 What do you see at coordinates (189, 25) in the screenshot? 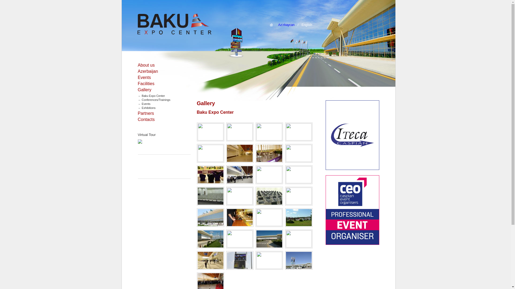
I see `'Baku Expo Center'` at bounding box center [189, 25].